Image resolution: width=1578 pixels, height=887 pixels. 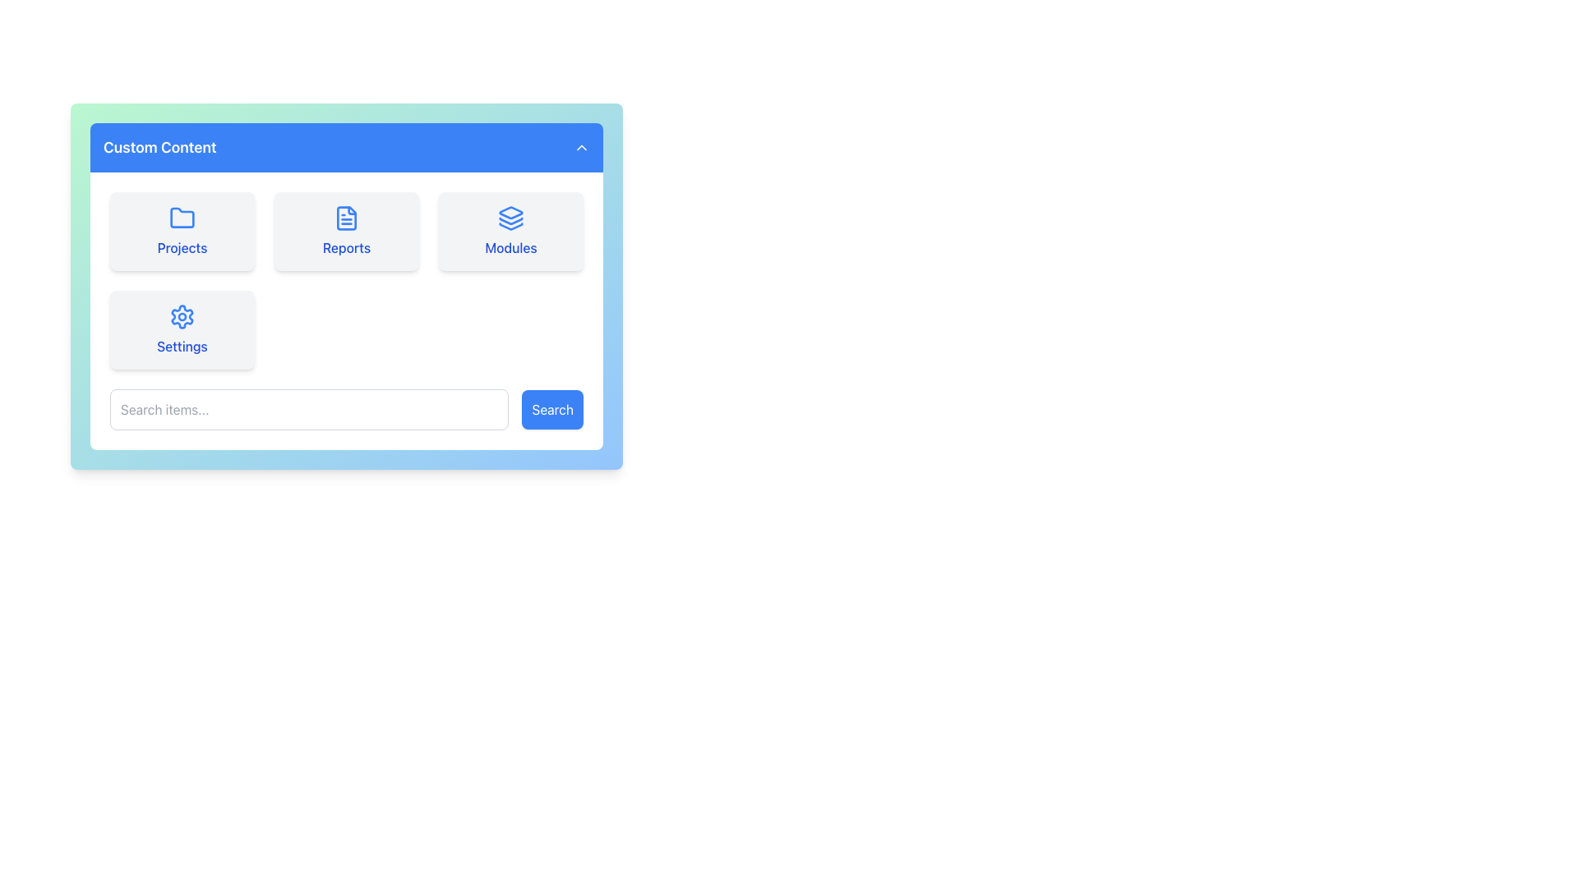 I want to click on the blue folder icon located centrally within the 'Projects' option box at the top section of the card, so click(x=182, y=218).